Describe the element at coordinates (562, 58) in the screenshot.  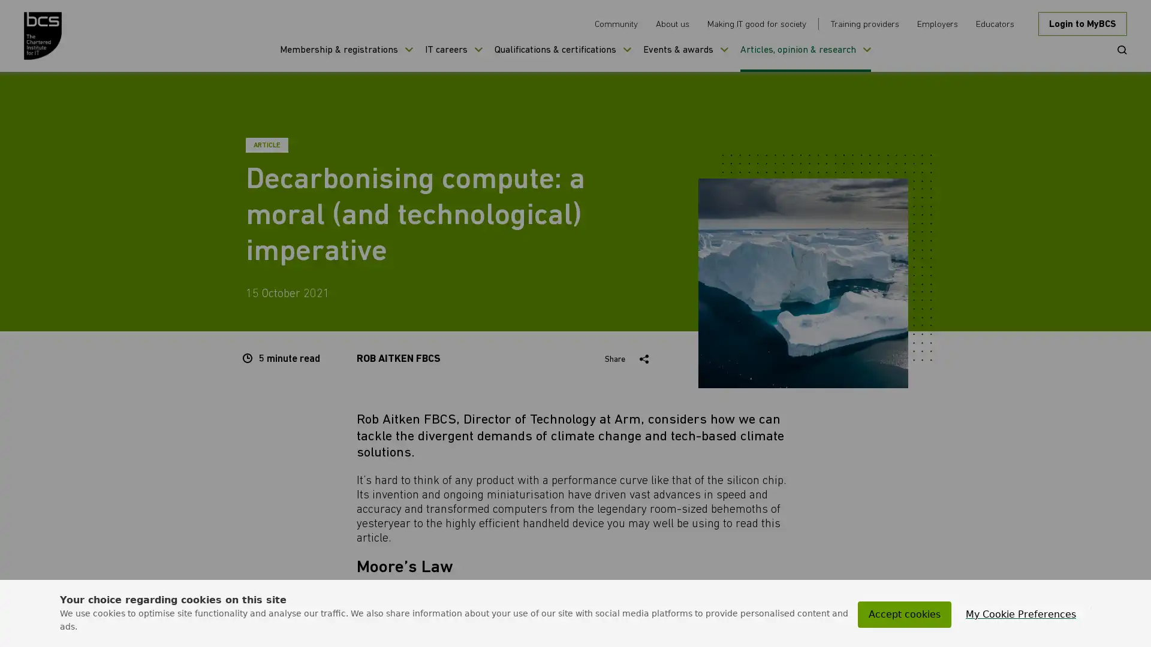
I see `Qualifications & certifications` at that location.